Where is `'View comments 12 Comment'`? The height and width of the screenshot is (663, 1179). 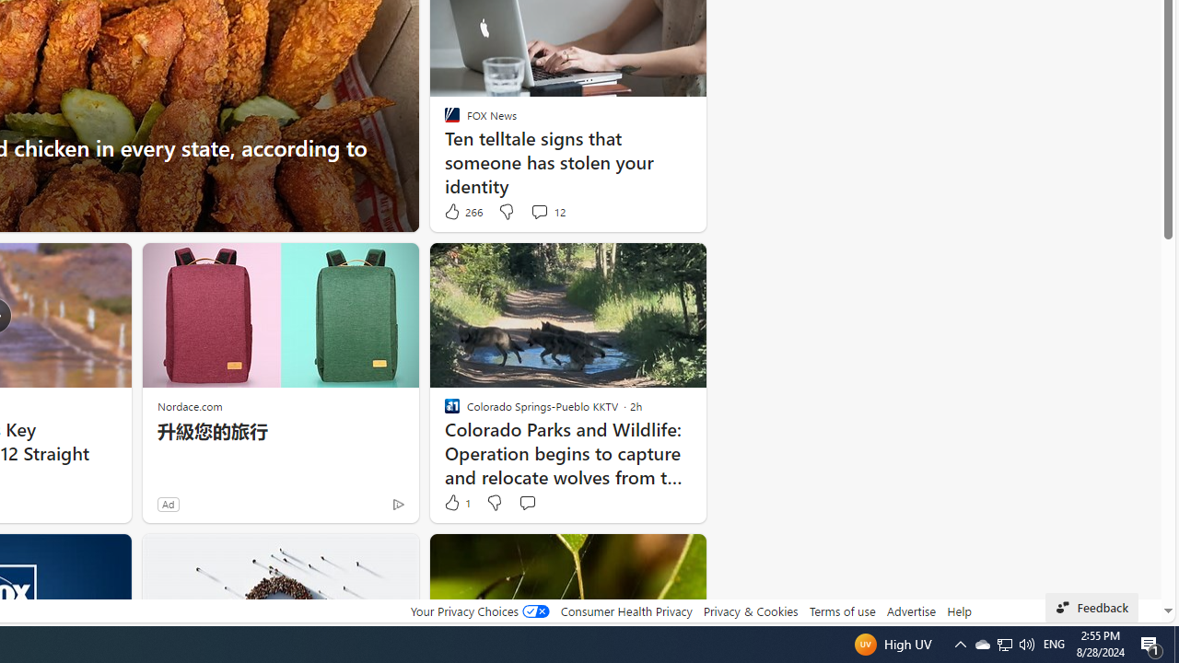
'View comments 12 Comment' is located at coordinates (538, 211).